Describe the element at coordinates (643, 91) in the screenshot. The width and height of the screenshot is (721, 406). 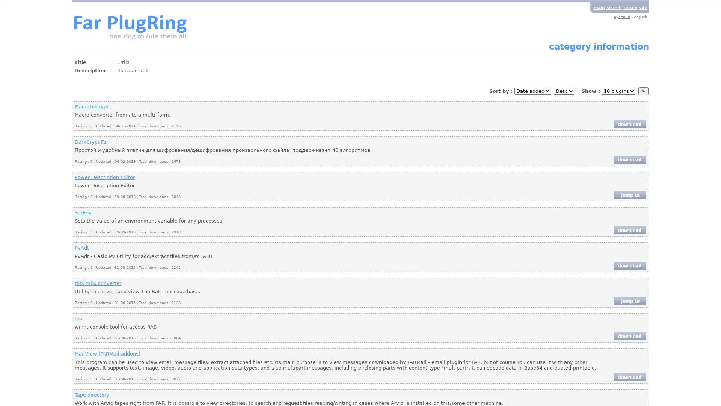
I see `>` at that location.